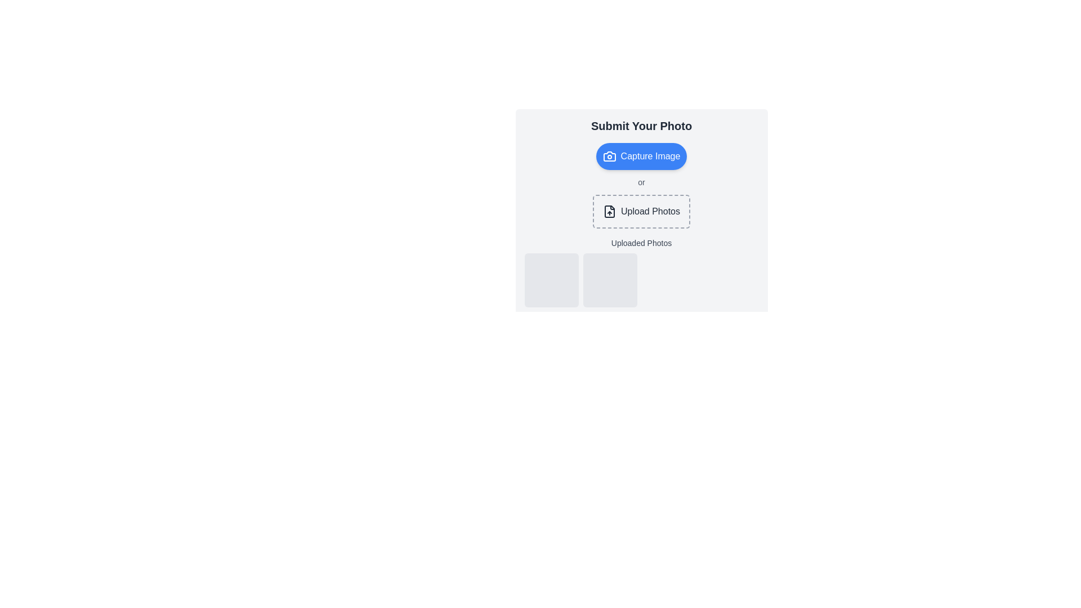 The image size is (1081, 608). Describe the element at coordinates (641, 243) in the screenshot. I see `the 'Uploaded Photos' text label, which is a small, grayish text label positioned beneath the 'Upload Photos' button` at that location.